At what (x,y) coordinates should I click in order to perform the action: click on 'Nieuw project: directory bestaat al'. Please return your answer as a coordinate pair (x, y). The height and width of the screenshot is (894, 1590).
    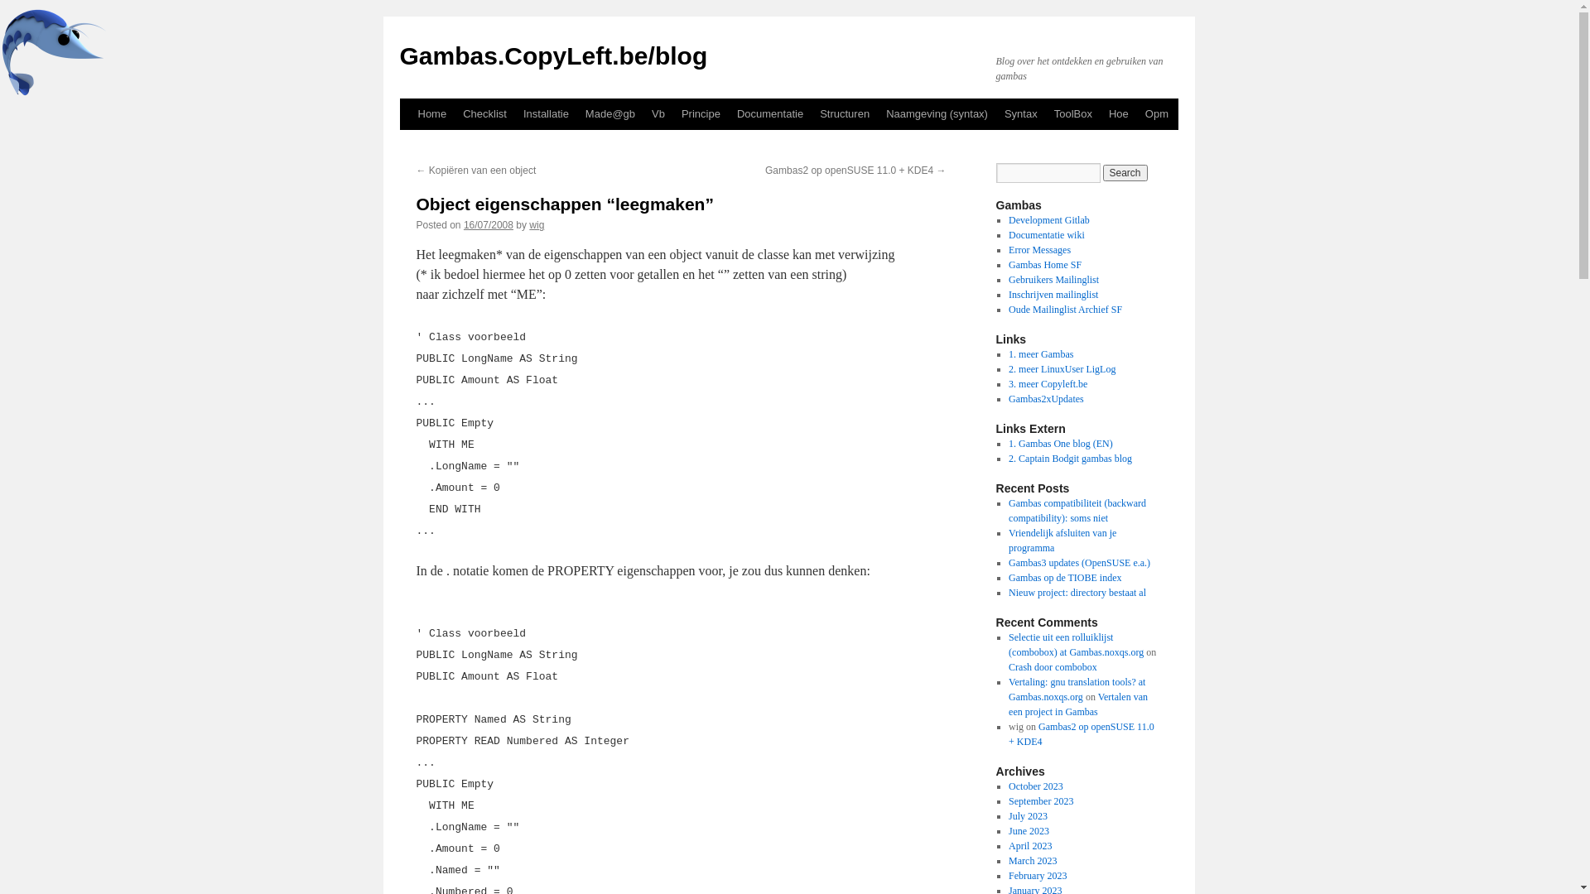
    Looking at the image, I should click on (1077, 592).